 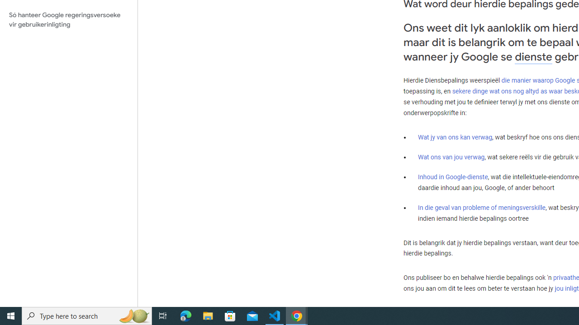 What do you see at coordinates (451, 157) in the screenshot?
I see `'Wat ons van jou verwag'` at bounding box center [451, 157].